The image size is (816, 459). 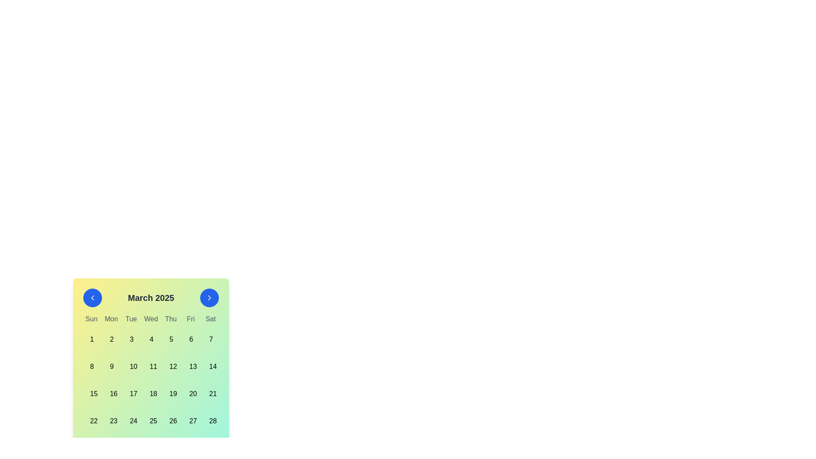 I want to click on the clickable day cell in the calendar that contains the numeral '8', so click(x=91, y=366).